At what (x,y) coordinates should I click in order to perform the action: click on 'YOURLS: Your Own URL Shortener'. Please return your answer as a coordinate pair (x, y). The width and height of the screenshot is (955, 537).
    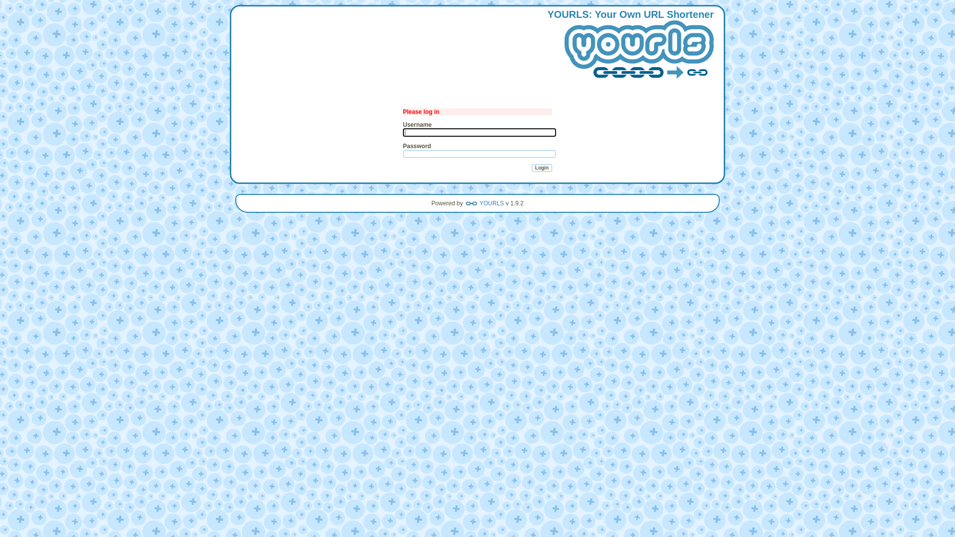
    Looking at the image, I should click on (630, 46).